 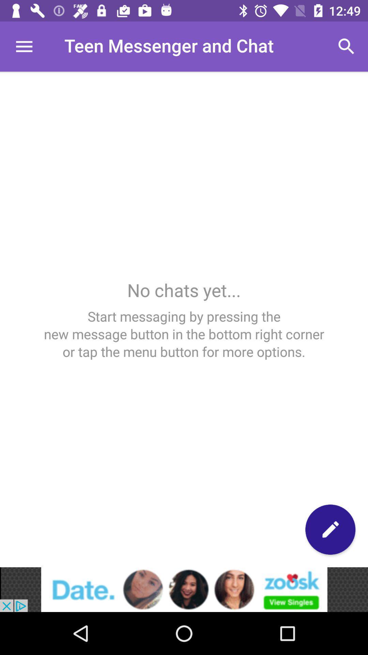 I want to click on the edit icon, so click(x=330, y=529).